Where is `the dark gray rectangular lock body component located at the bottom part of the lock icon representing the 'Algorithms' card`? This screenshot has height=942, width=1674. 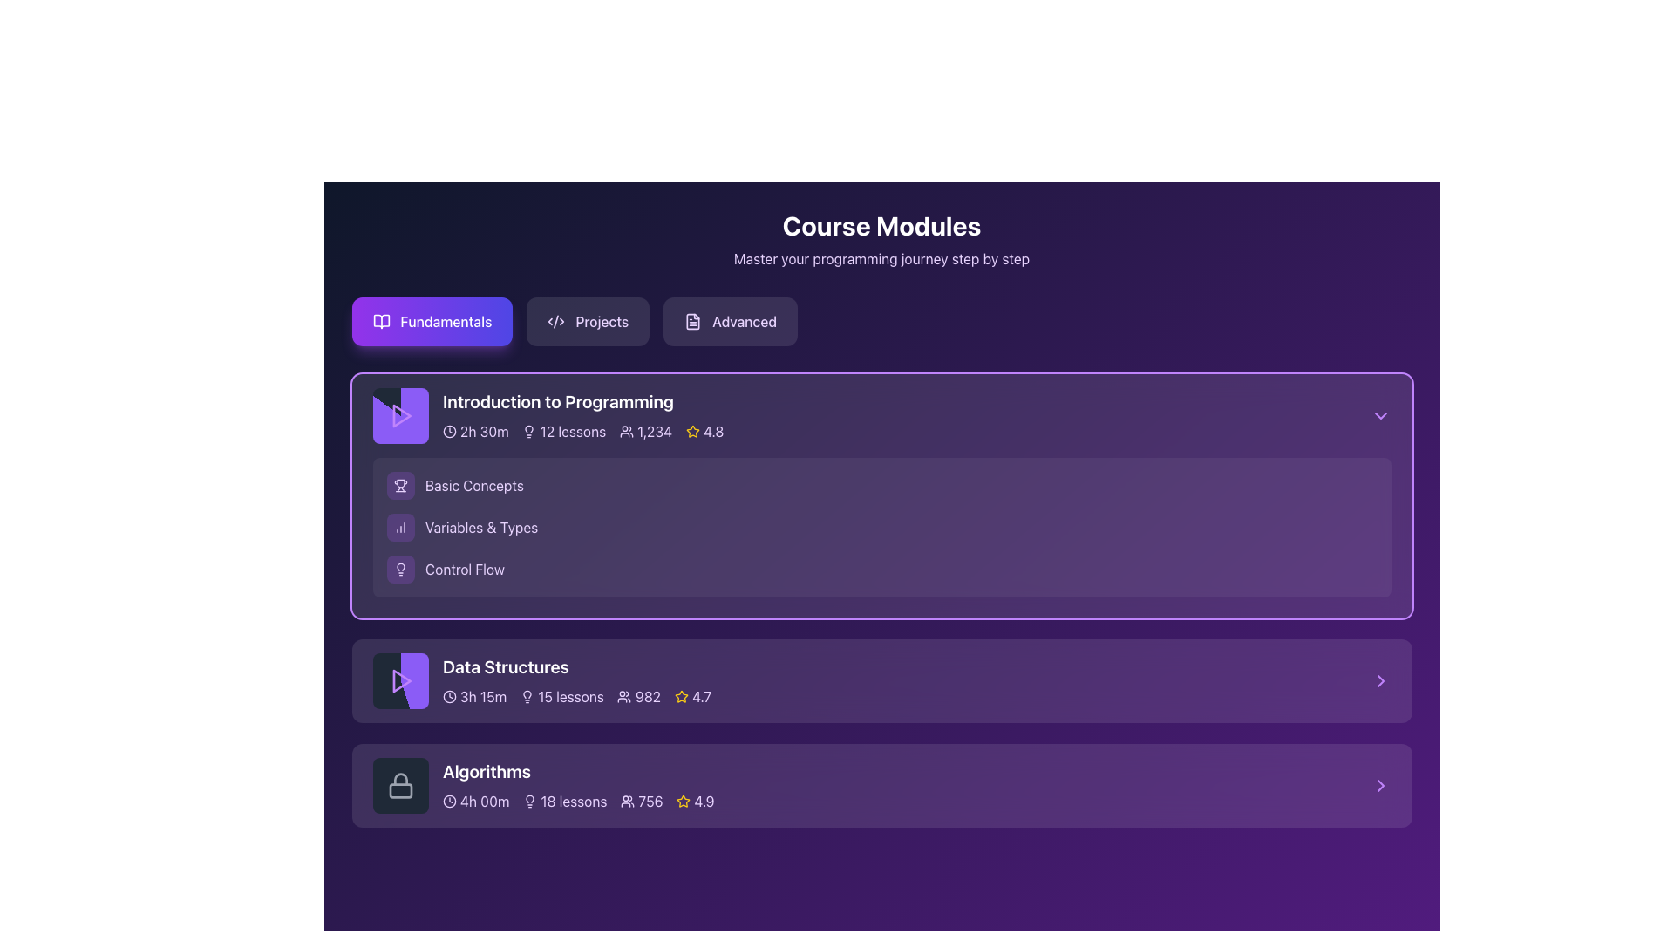 the dark gray rectangular lock body component located at the bottom part of the lock icon representing the 'Algorithms' card is located at coordinates (399, 790).